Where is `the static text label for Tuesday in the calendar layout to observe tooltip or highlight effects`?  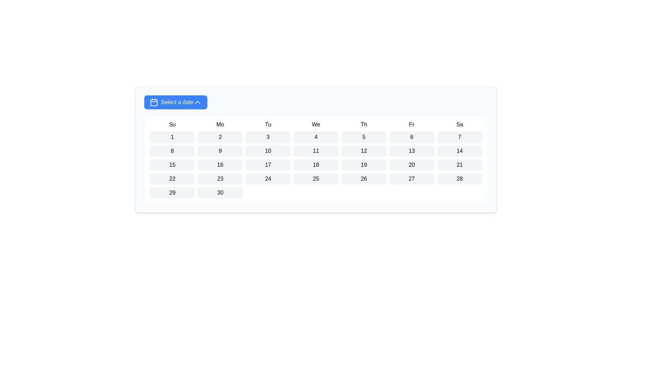
the static text label for Tuesday in the calendar layout to observe tooltip or highlight effects is located at coordinates (268, 124).